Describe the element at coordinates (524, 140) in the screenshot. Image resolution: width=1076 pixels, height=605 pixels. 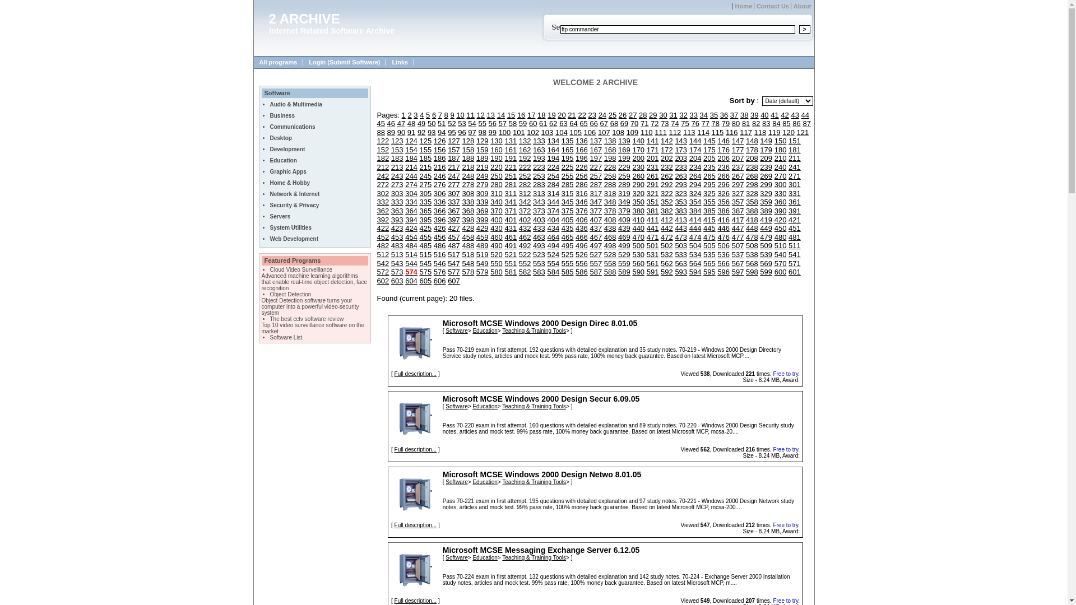
I see `'132'` at that location.